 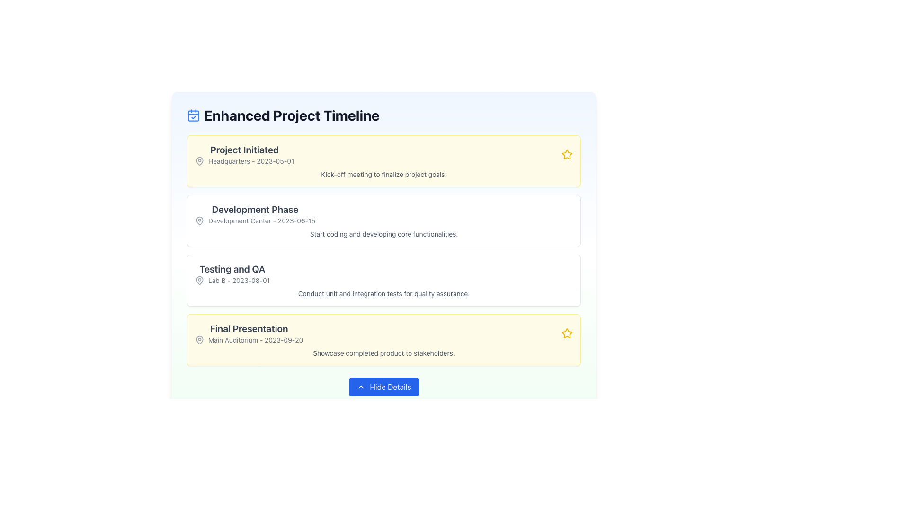 I want to click on the informational block that describes the 'Testing and QA' phase, located between the 'Development Phase' and 'Final Presentation' sections, so click(x=384, y=273).